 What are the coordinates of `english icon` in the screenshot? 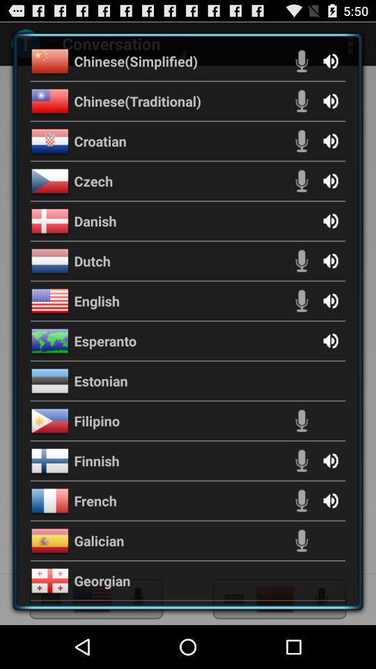 It's located at (96, 300).